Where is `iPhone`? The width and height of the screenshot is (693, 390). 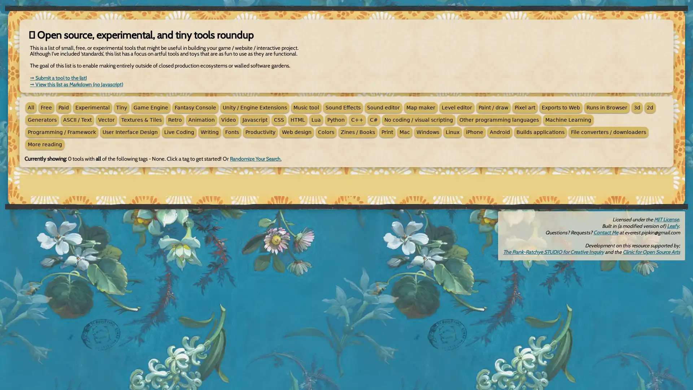
iPhone is located at coordinates (475, 132).